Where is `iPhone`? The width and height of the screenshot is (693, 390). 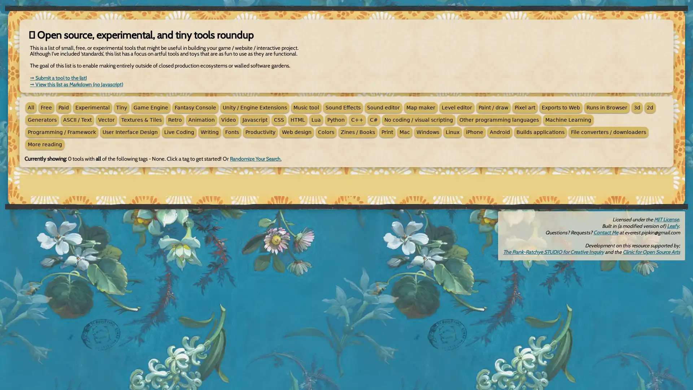
iPhone is located at coordinates (475, 132).